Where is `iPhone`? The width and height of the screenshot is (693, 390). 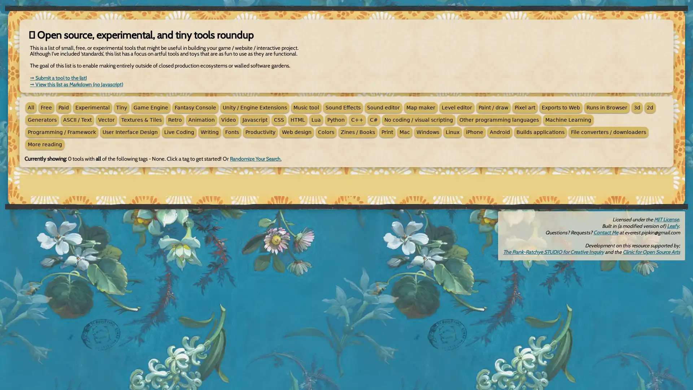
iPhone is located at coordinates (475, 132).